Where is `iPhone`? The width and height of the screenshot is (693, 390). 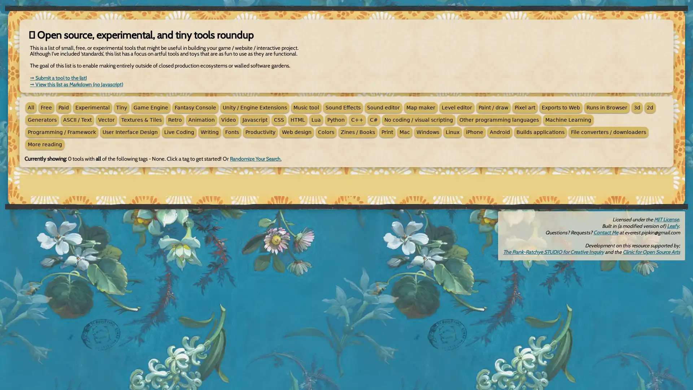
iPhone is located at coordinates (475, 132).